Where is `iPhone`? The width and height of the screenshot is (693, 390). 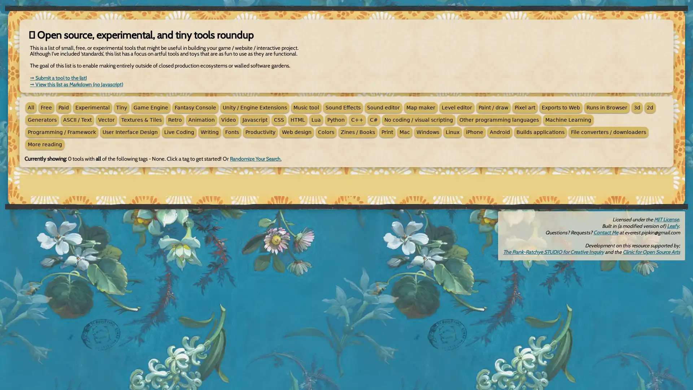
iPhone is located at coordinates (475, 132).